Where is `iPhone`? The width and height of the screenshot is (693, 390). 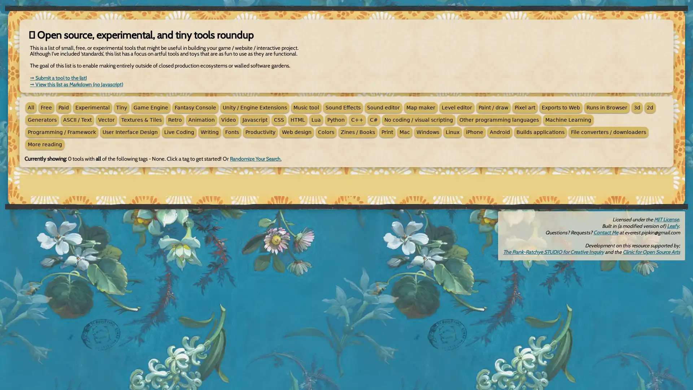
iPhone is located at coordinates (475, 132).